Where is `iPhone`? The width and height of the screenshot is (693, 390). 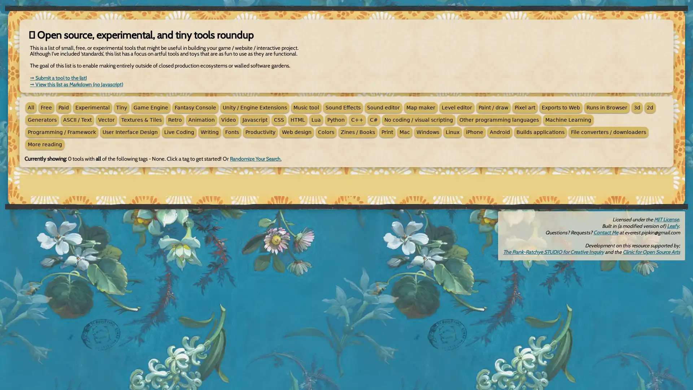
iPhone is located at coordinates (475, 132).